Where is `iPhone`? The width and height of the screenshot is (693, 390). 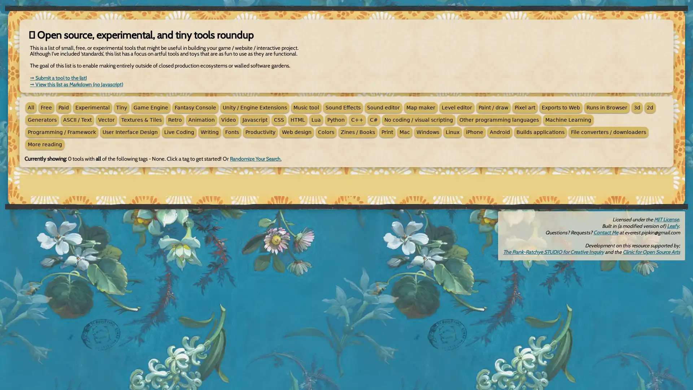
iPhone is located at coordinates (475, 132).